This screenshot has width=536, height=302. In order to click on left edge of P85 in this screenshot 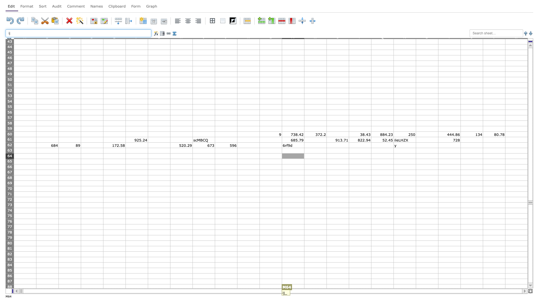, I will do `click(348, 270)`.